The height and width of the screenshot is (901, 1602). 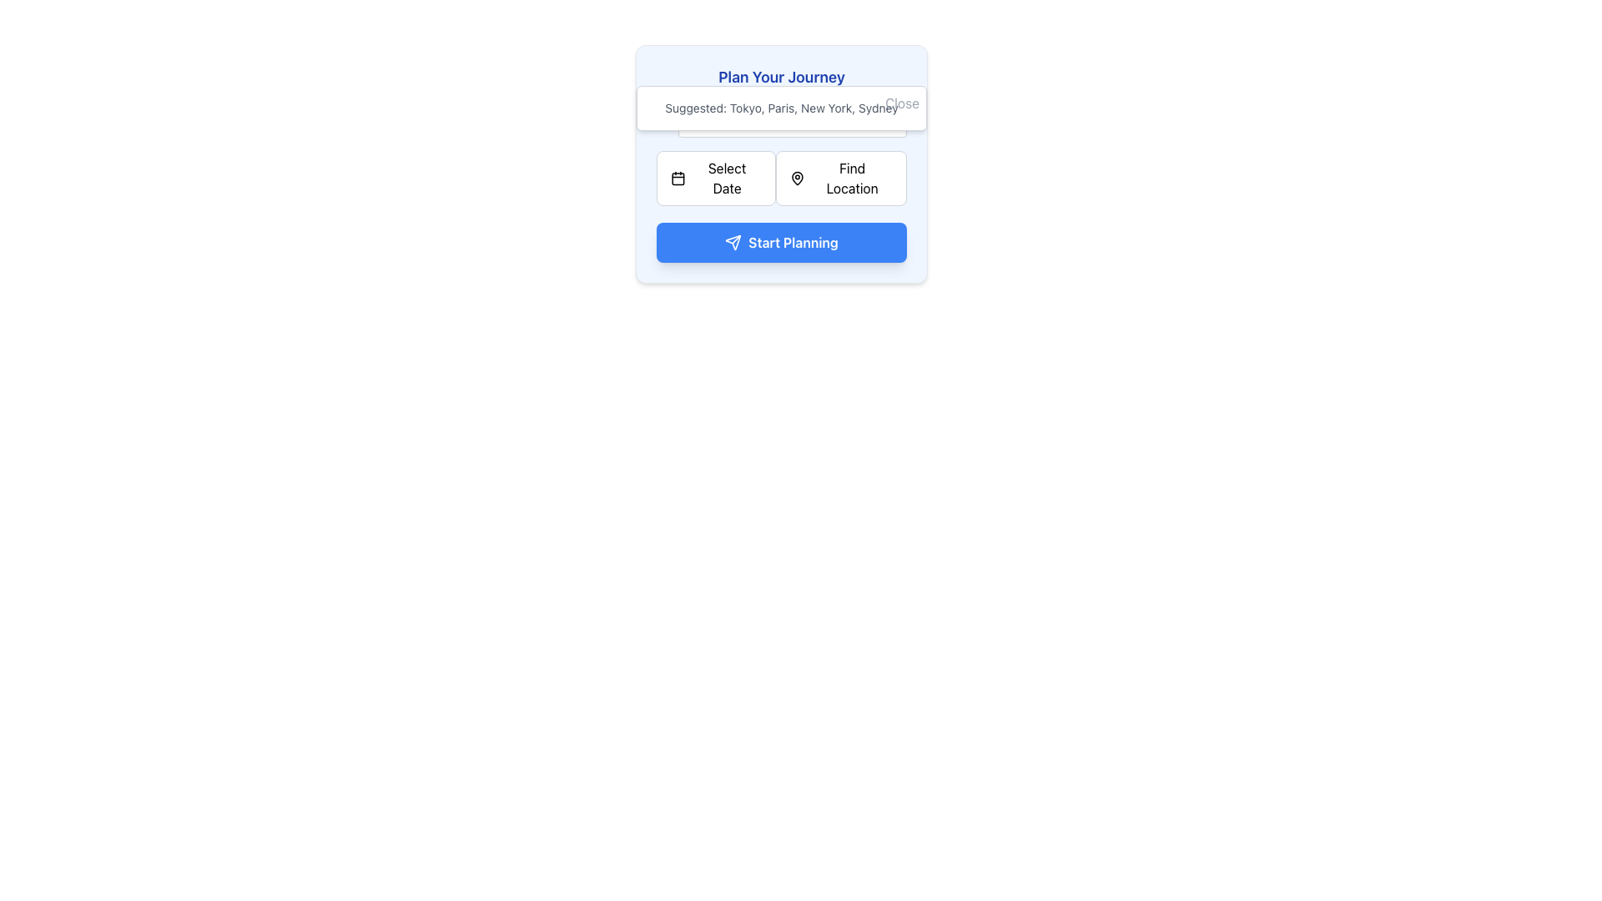 What do you see at coordinates (678, 178) in the screenshot?
I see `the 'Select Date' button that contains the calendar icon` at bounding box center [678, 178].